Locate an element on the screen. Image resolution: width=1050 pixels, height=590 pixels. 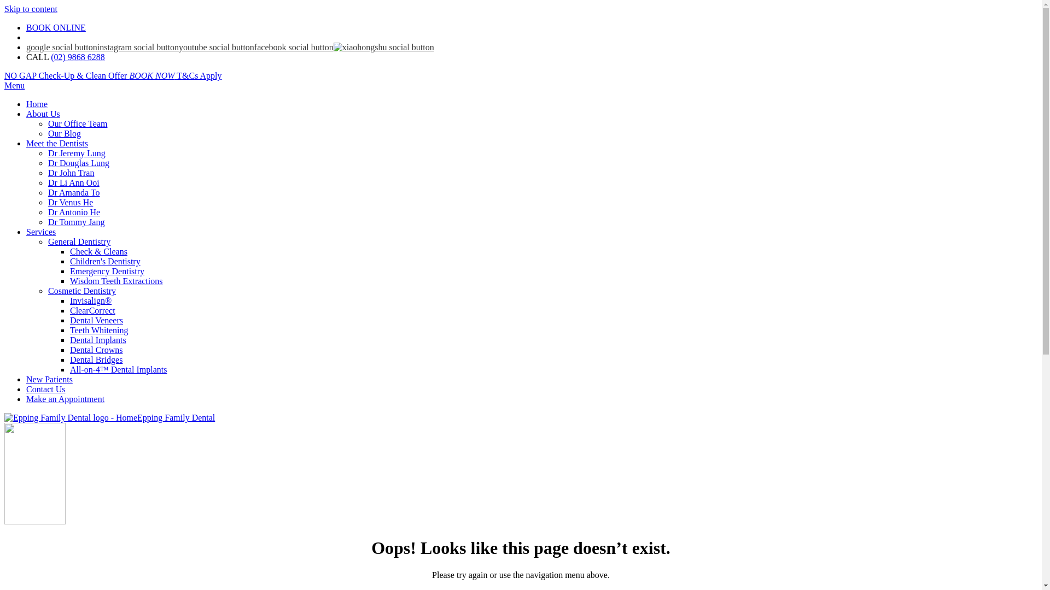
'Dr Tommy Jang' is located at coordinates (47, 221).